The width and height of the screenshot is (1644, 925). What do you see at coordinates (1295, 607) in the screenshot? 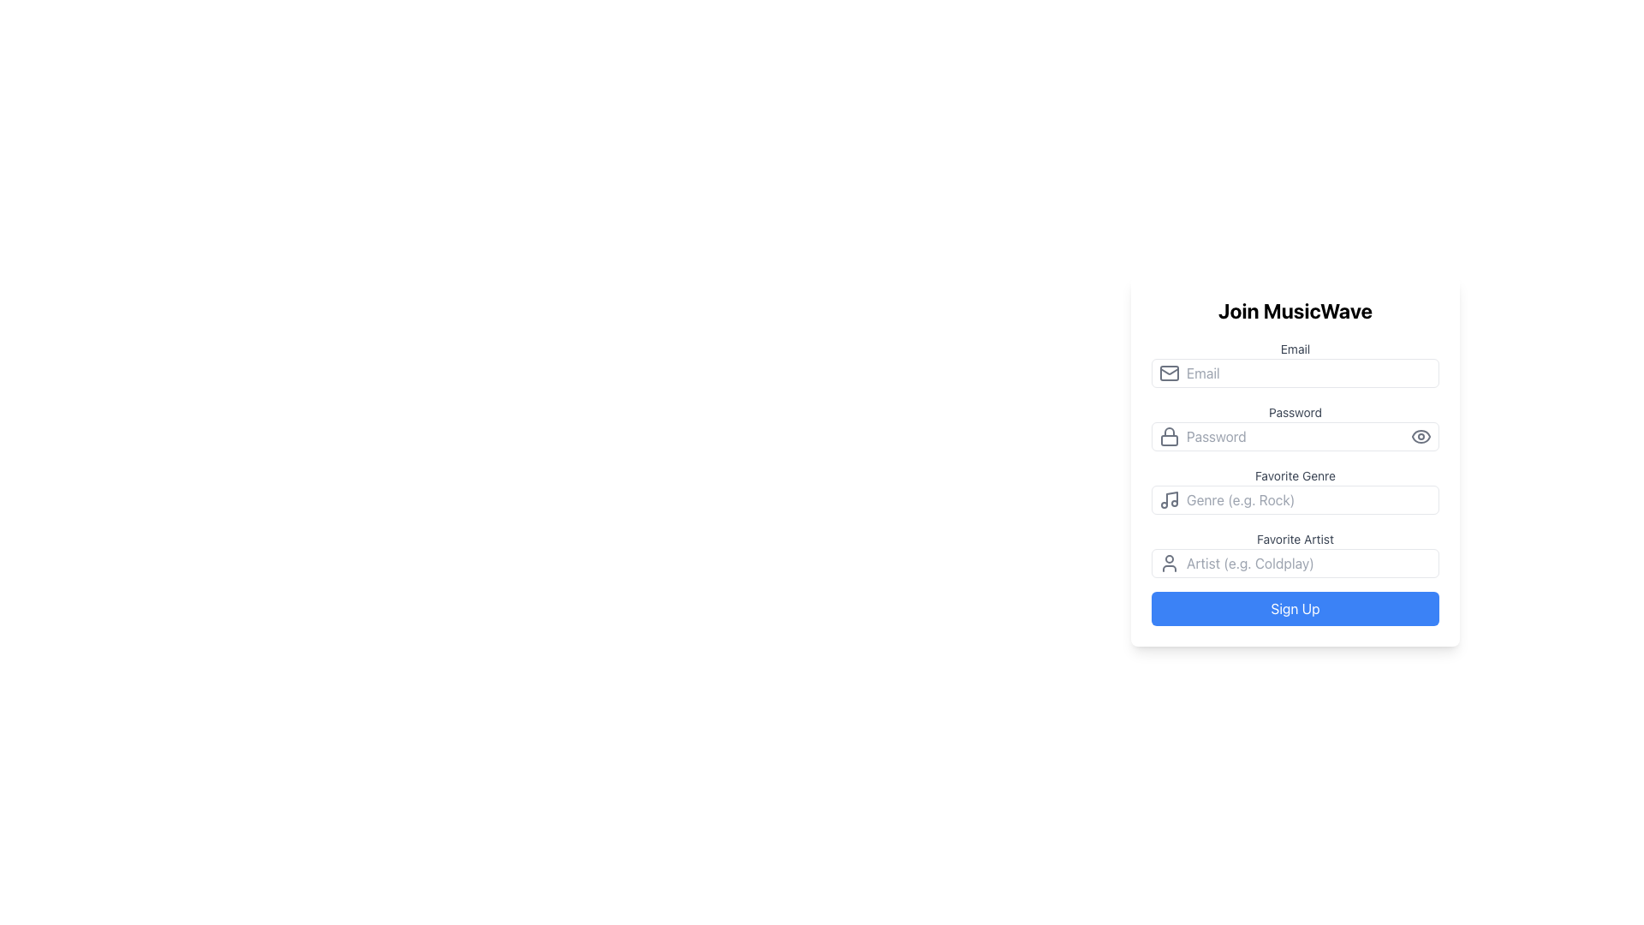
I see `the registration button located at the bottom of the form, which changes its color when hovered` at bounding box center [1295, 607].